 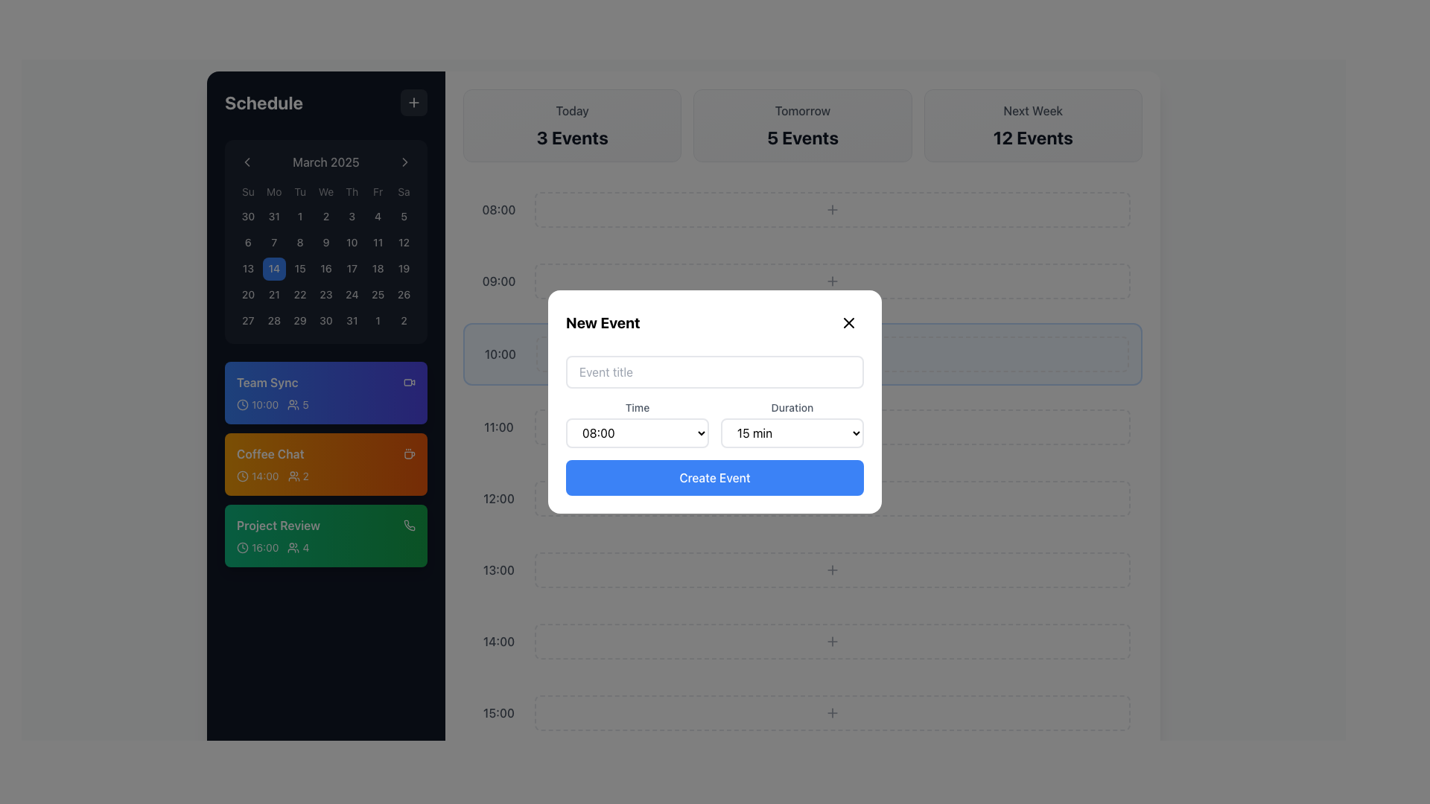 What do you see at coordinates (293, 548) in the screenshot?
I see `the user group icon styled with a rounded geometric design, located in the 'Project Review' block to the left of the number '4' icon` at bounding box center [293, 548].